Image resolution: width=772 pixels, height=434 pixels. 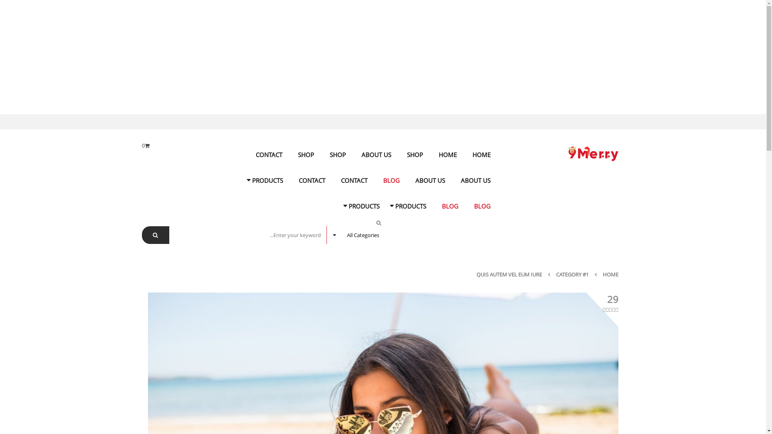 What do you see at coordinates (571, 274) in the screenshot?
I see `'CATEGORY #1'` at bounding box center [571, 274].